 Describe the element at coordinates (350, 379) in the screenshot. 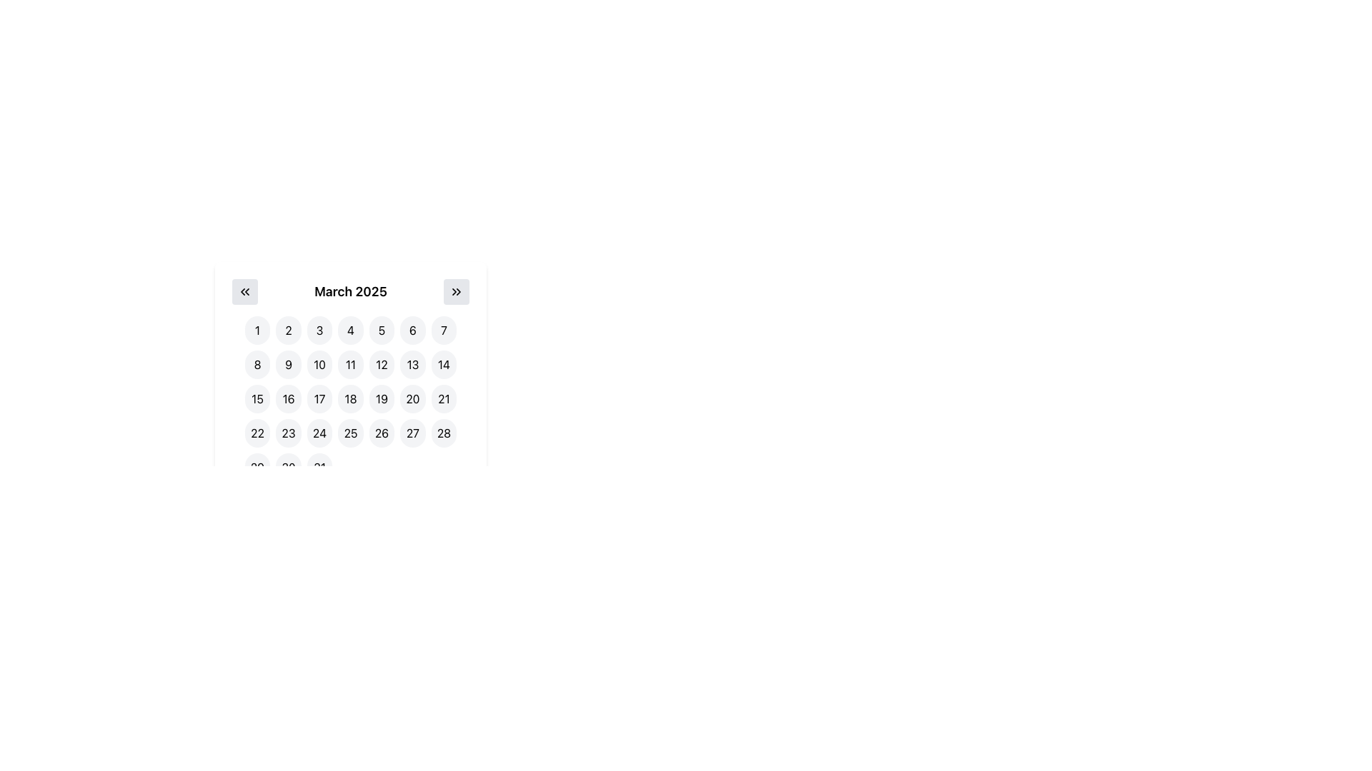

I see `the day button in the March 2025 calendar` at that location.